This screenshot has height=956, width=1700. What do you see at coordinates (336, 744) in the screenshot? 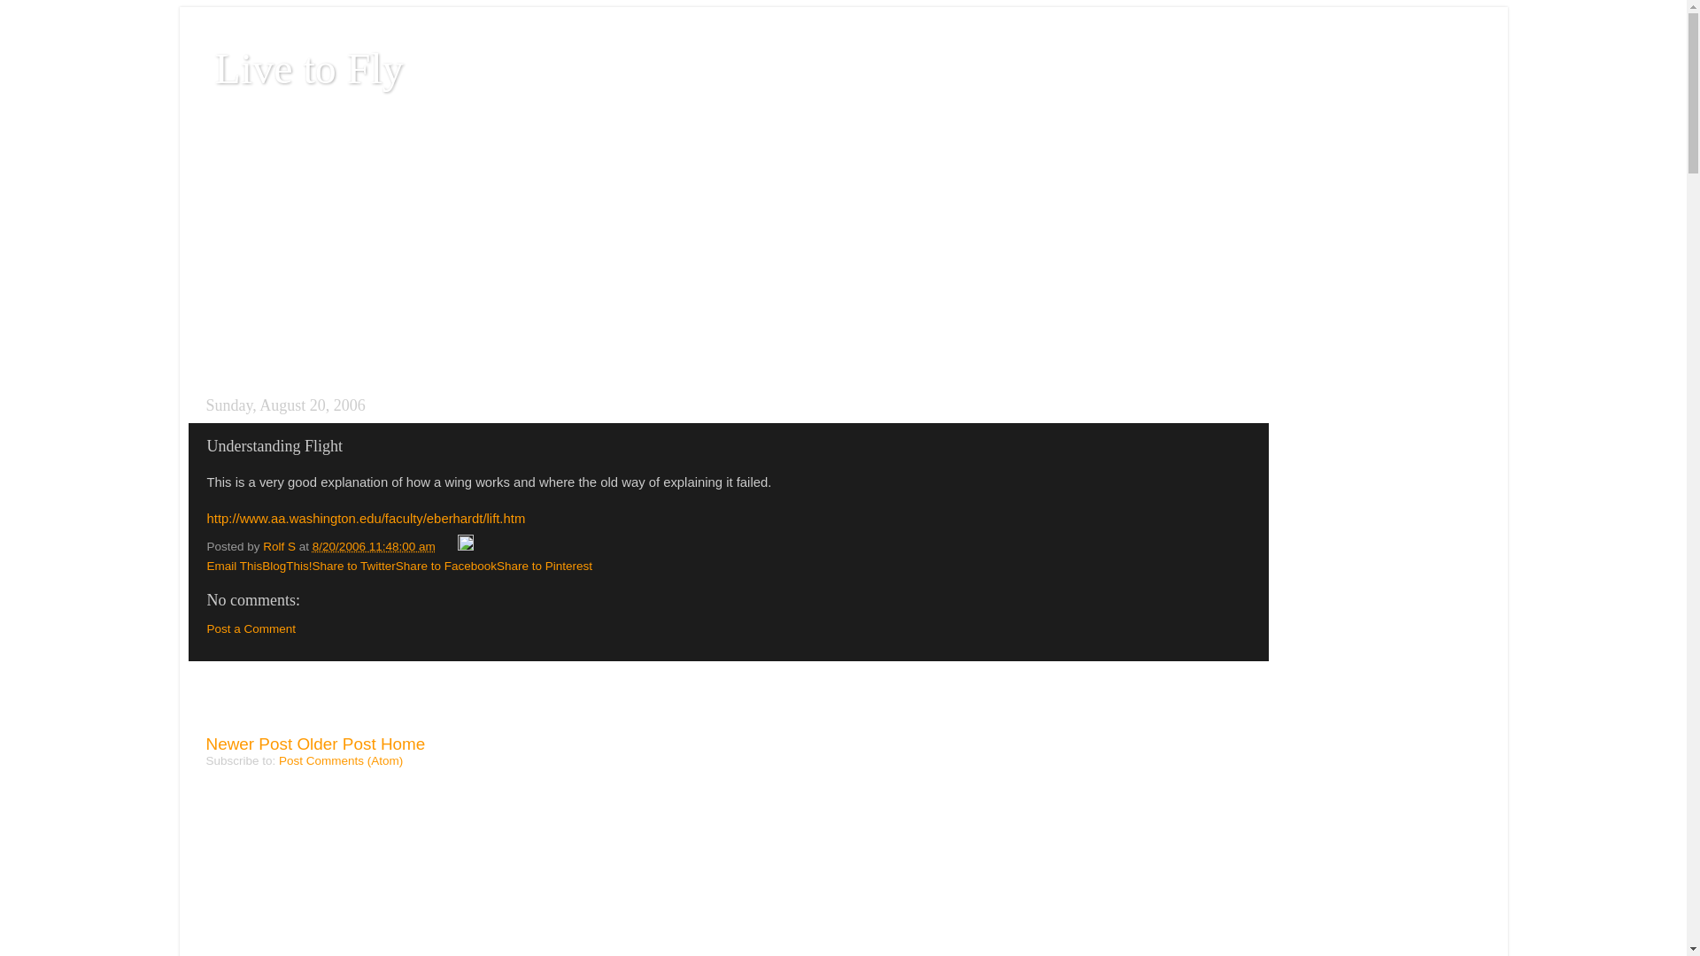
I see `'Older Post'` at bounding box center [336, 744].